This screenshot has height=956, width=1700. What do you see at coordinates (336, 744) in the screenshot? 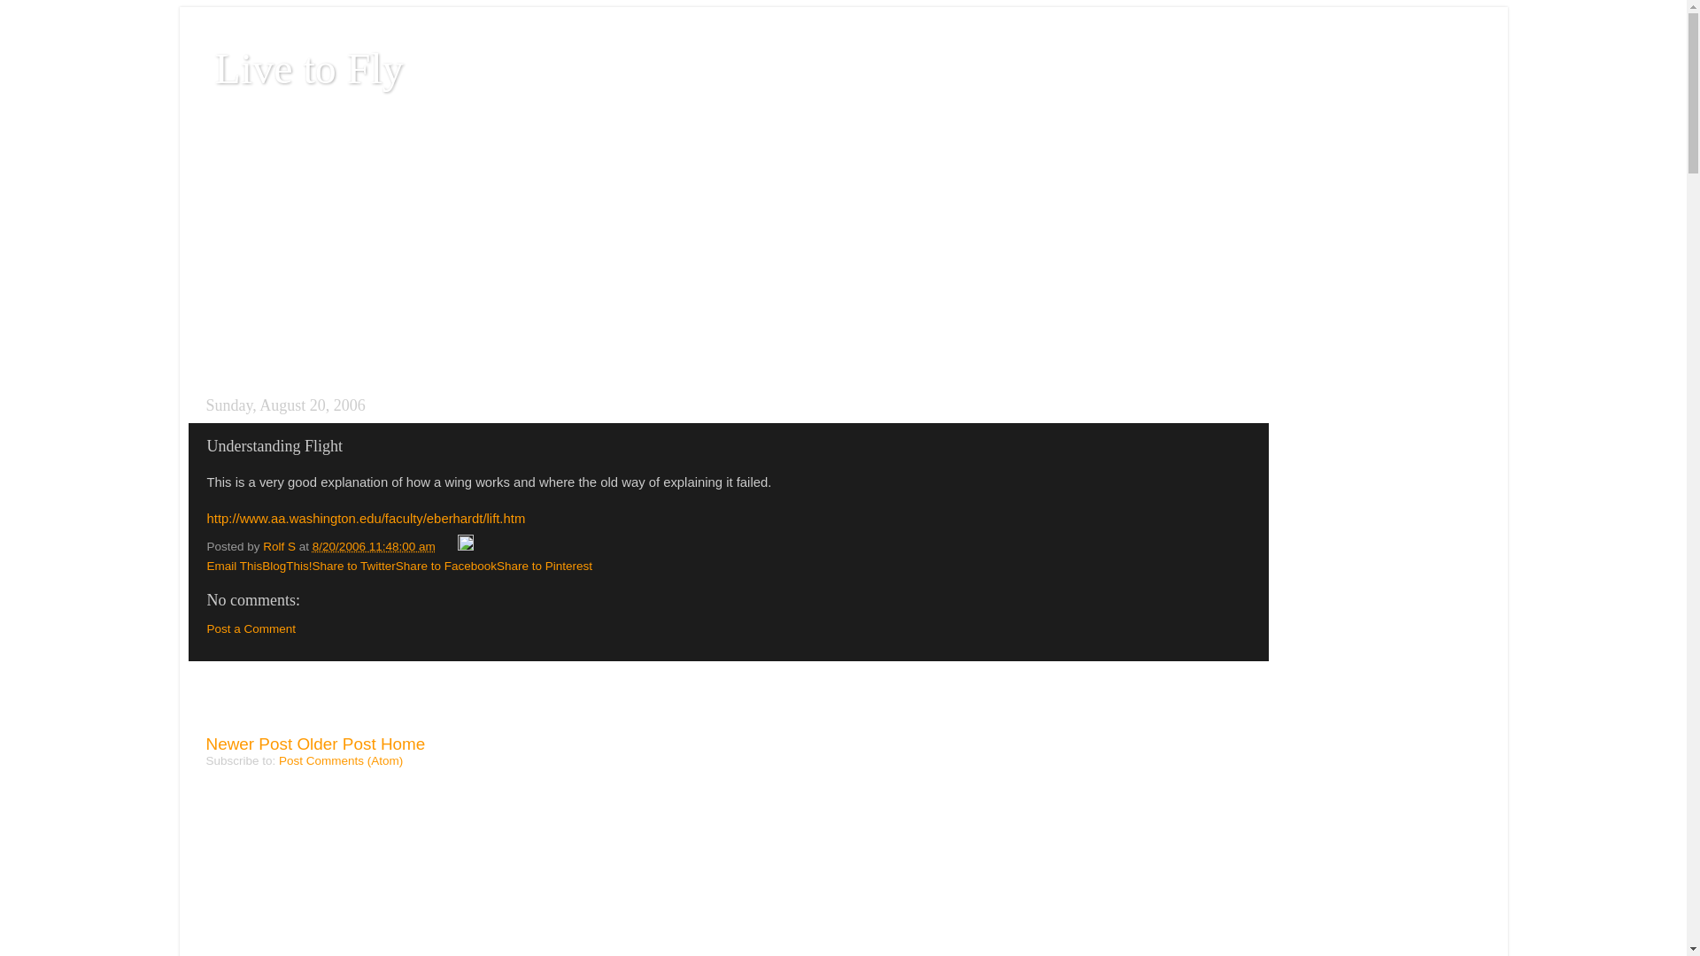
I see `'Older Post'` at bounding box center [336, 744].